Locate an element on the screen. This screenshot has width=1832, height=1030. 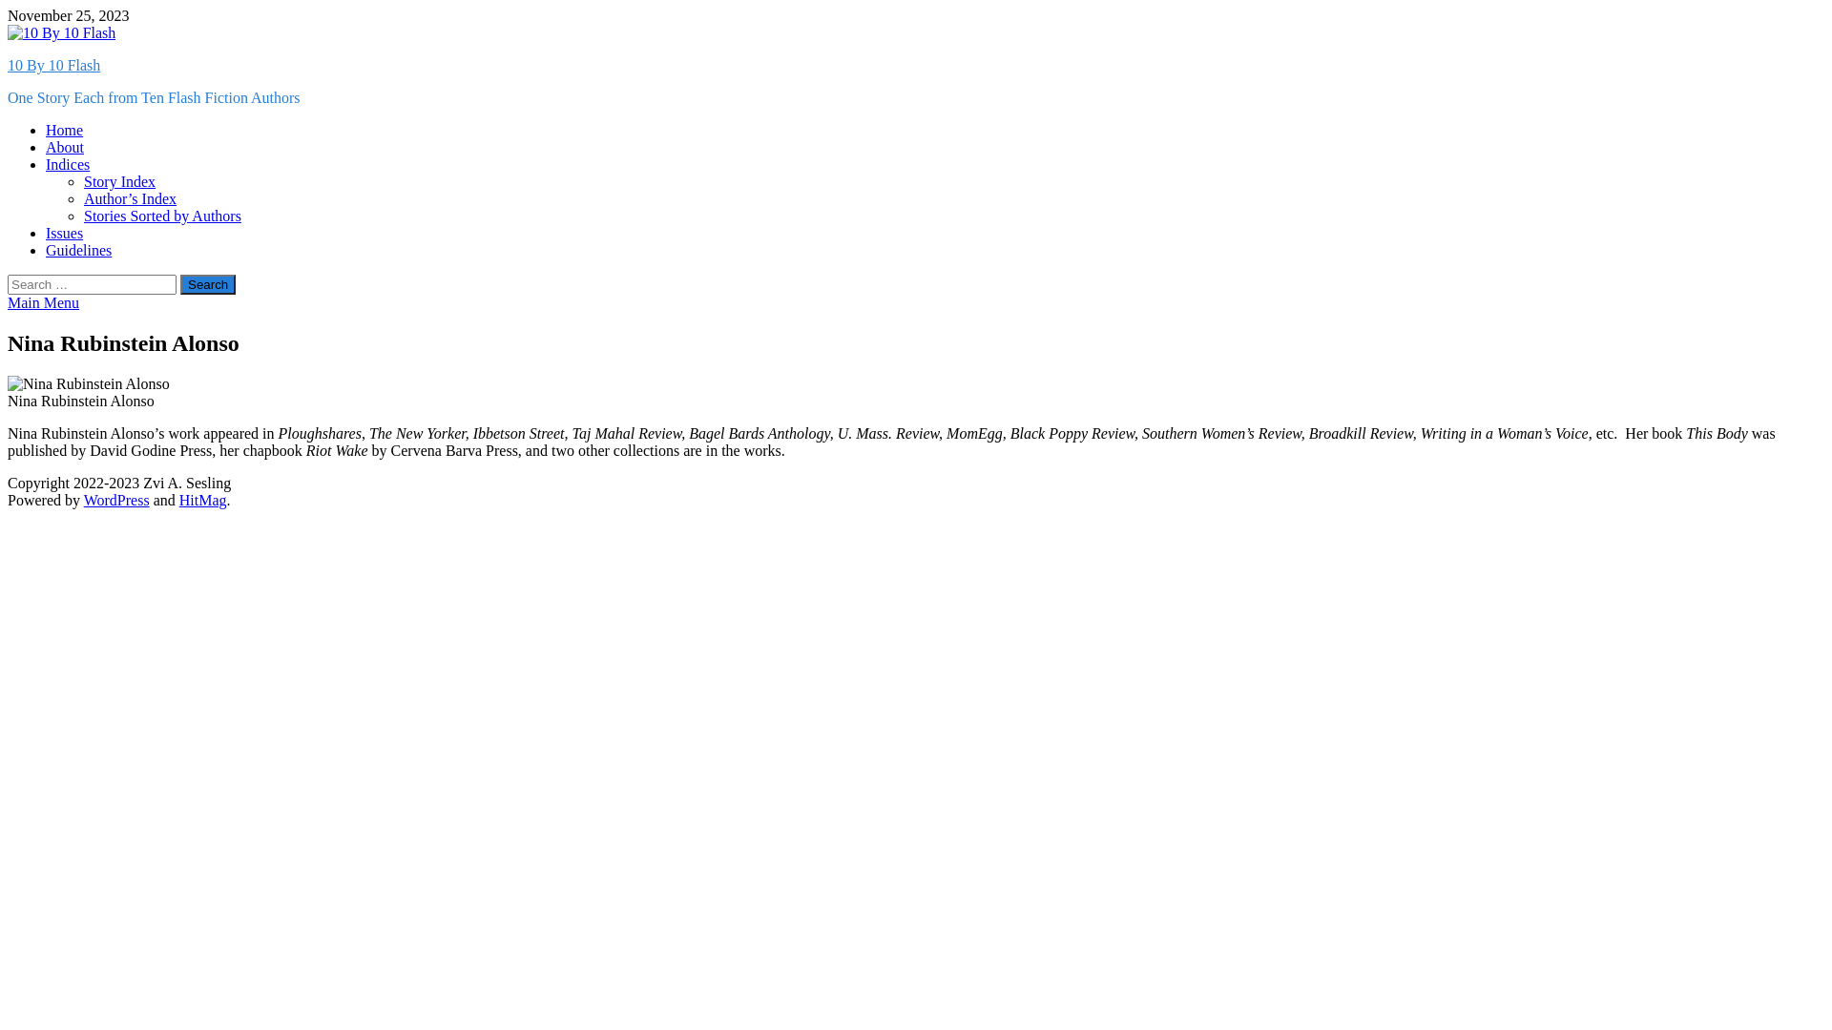
'Story Index' is located at coordinates (118, 181).